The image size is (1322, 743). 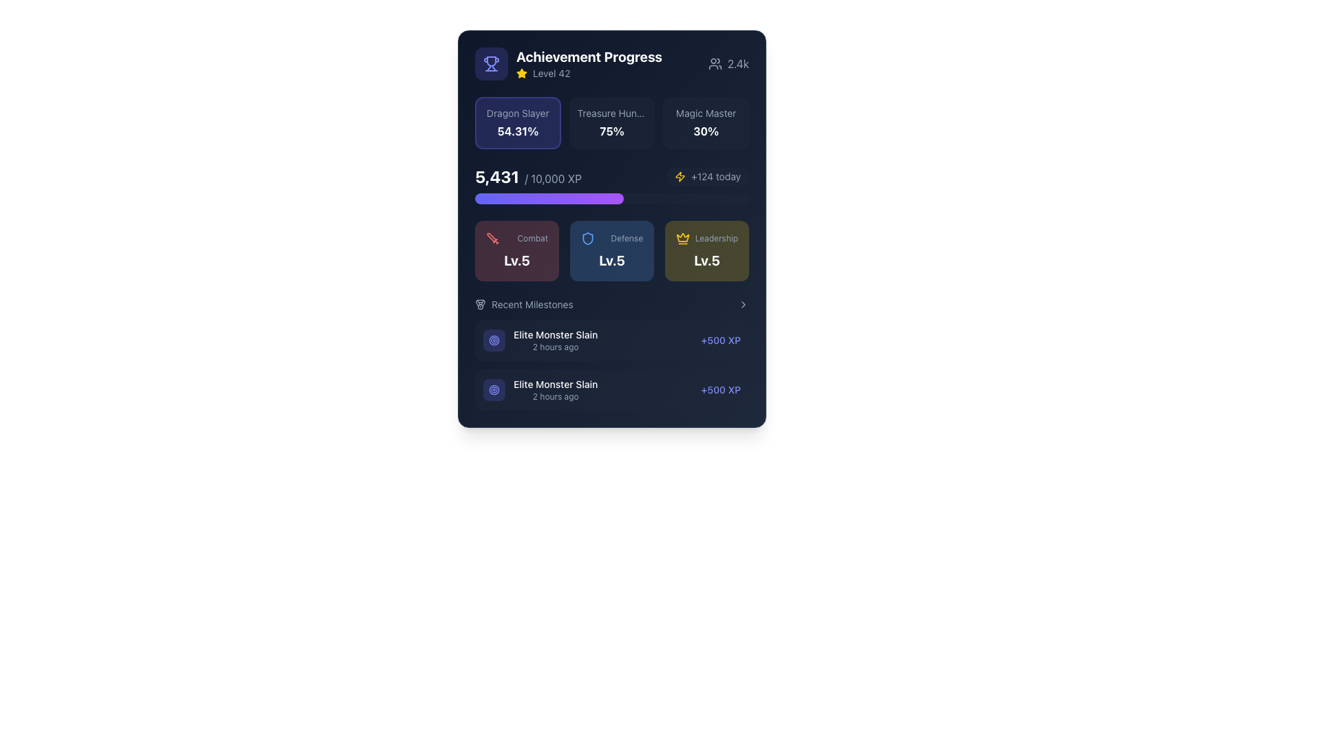 What do you see at coordinates (556, 385) in the screenshot?
I see `the 'Elite Monster Slain' text label, which is styled with white text on a dark background and is part of a card-like component in the 'Recent Milestones' section` at bounding box center [556, 385].